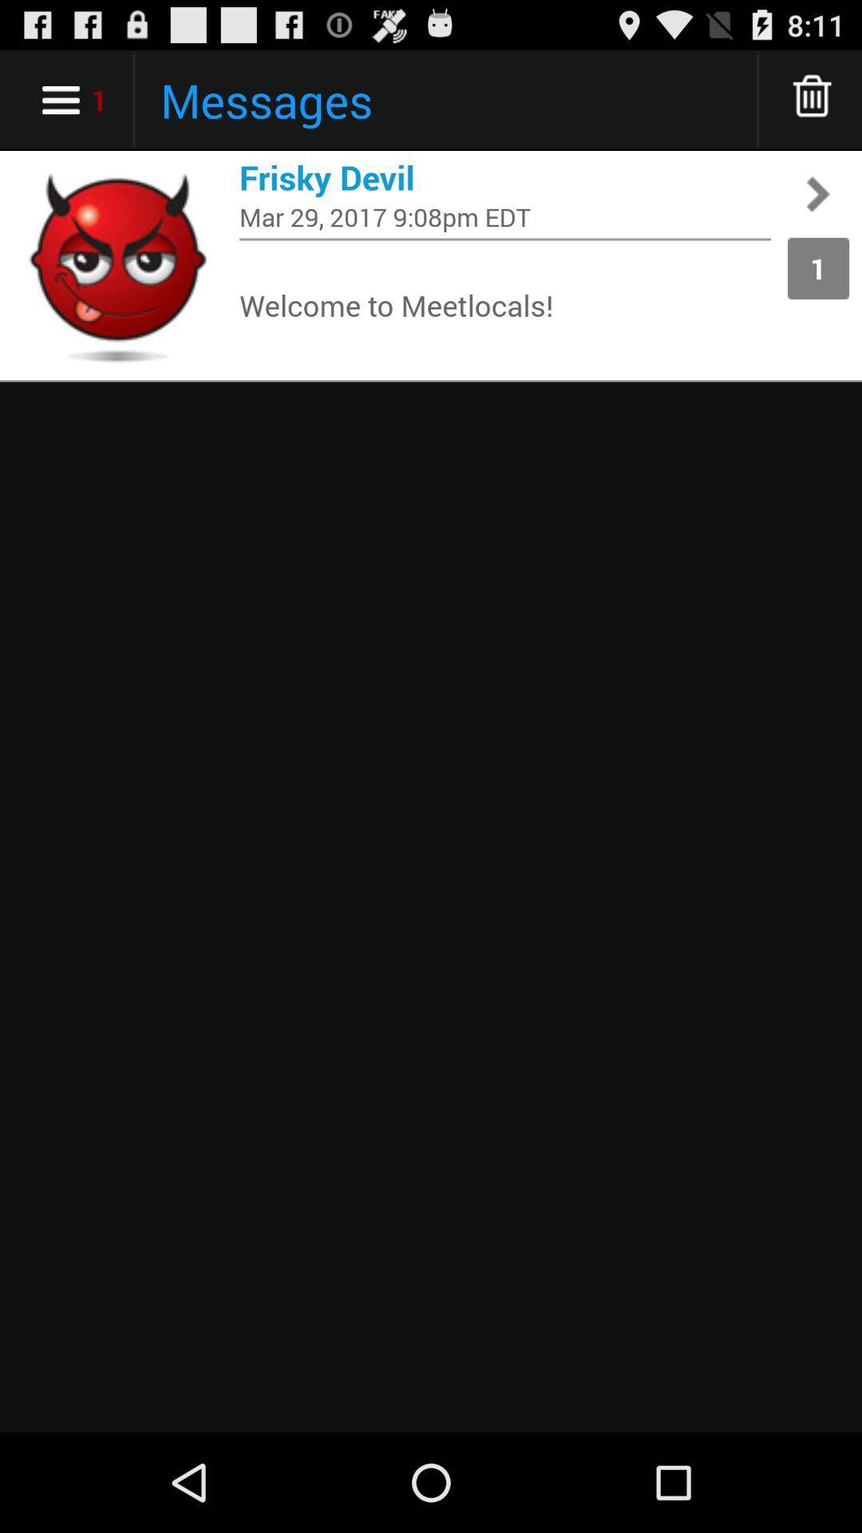  I want to click on app to the left of 1 app, so click(504, 304).